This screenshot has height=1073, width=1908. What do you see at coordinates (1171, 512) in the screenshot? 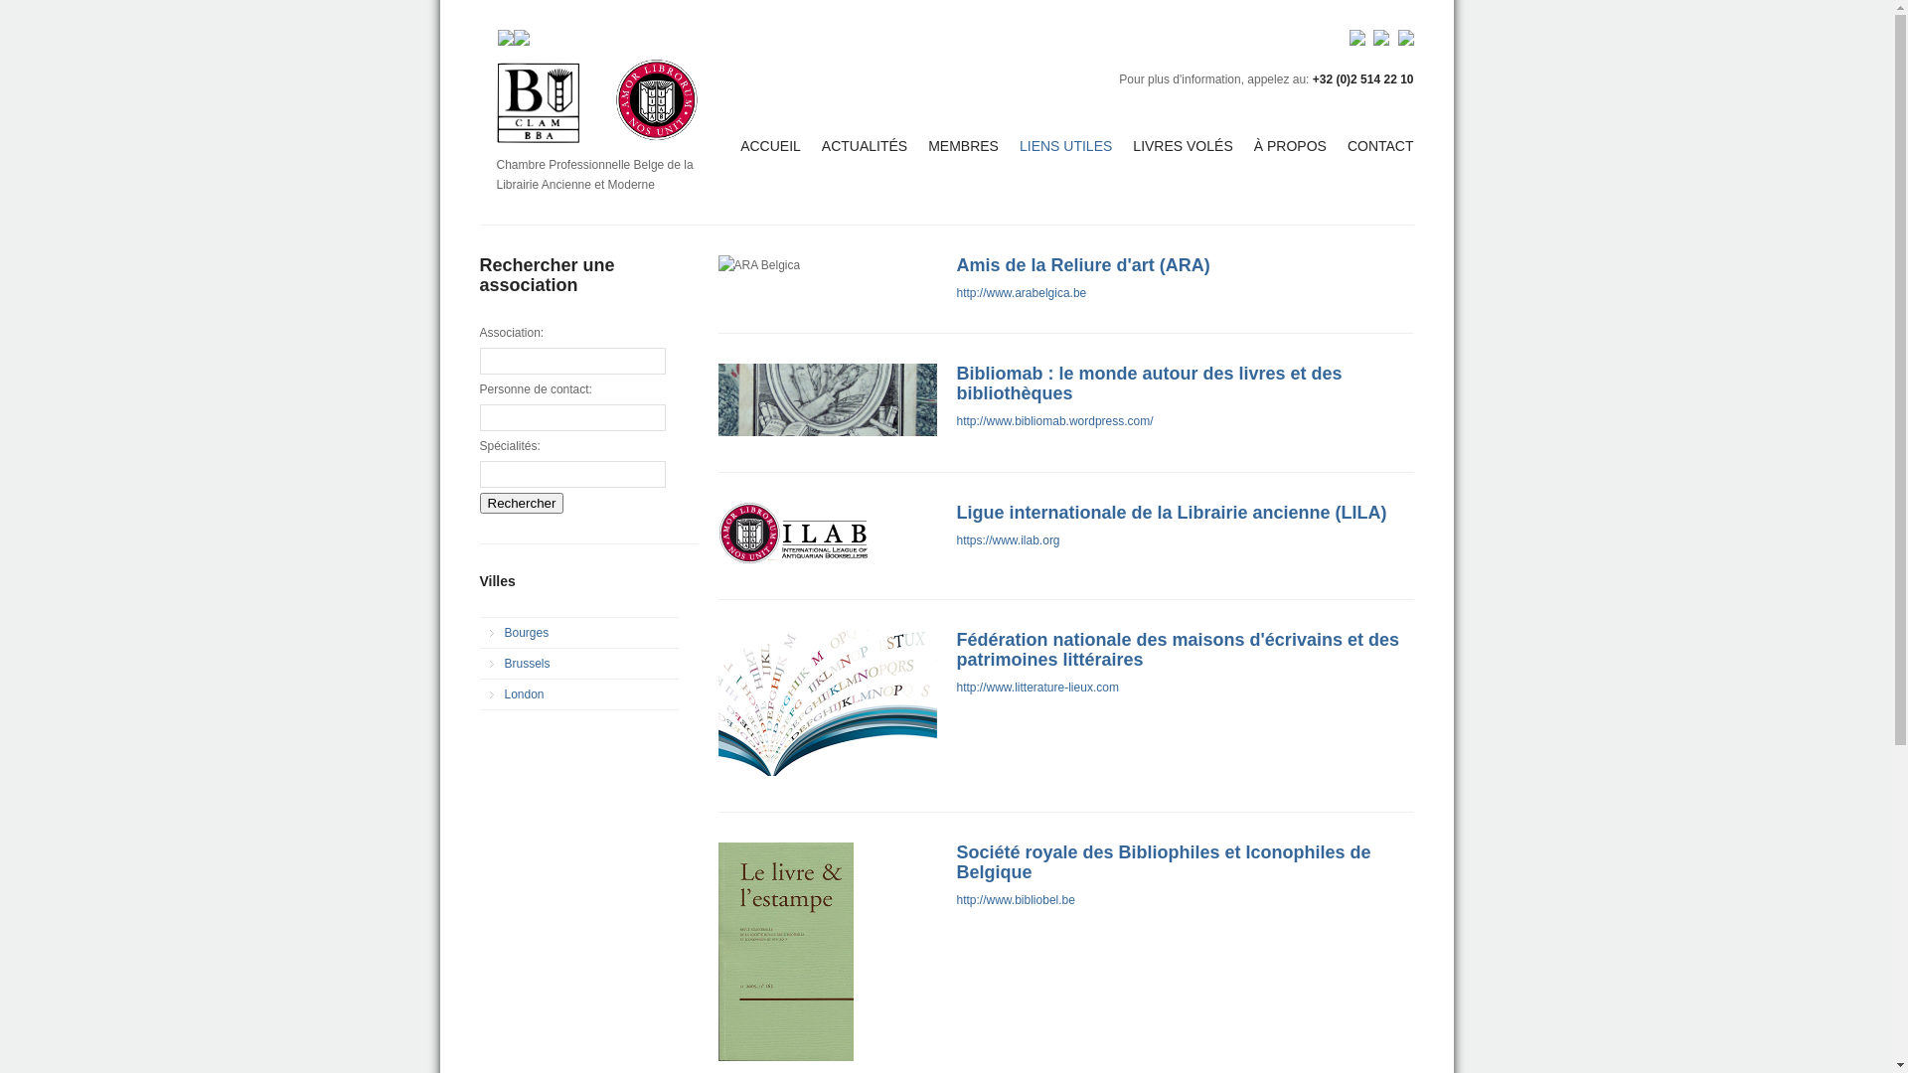
I see `'Ligue internationale de la Librairie ancienne (LILA)'` at bounding box center [1171, 512].